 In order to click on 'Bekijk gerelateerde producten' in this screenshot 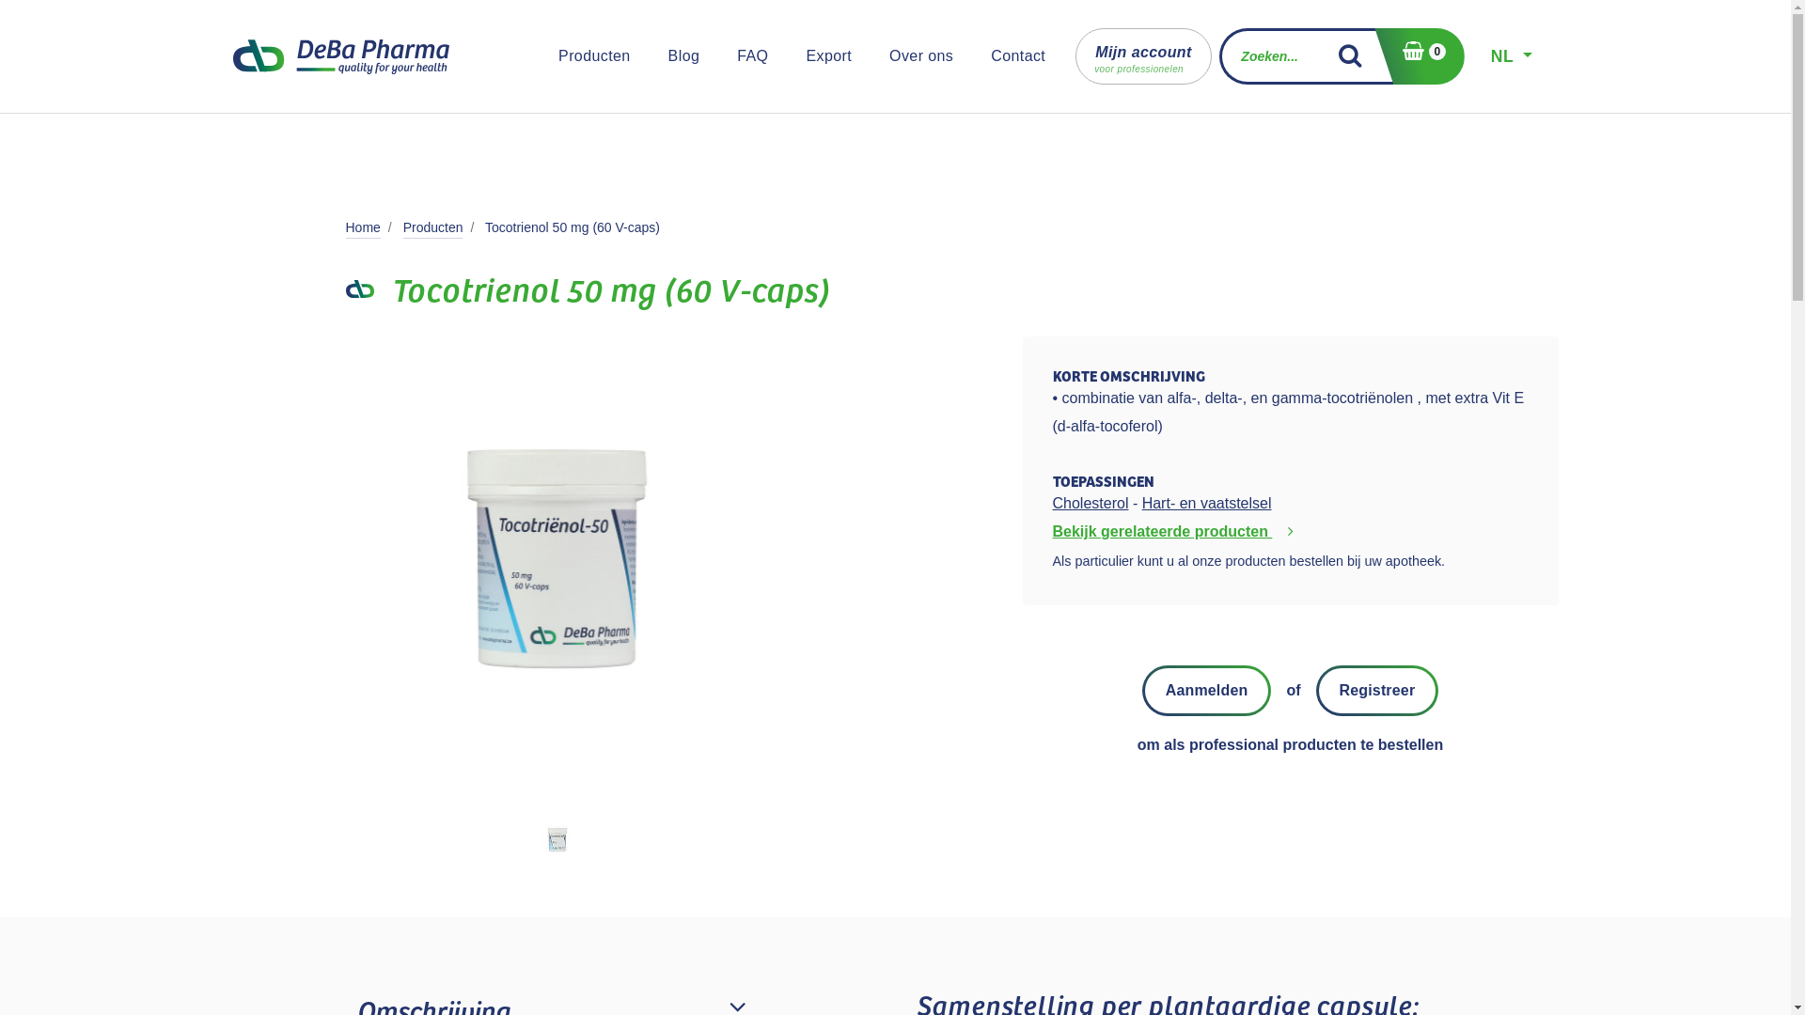, I will do `click(1176, 531)`.